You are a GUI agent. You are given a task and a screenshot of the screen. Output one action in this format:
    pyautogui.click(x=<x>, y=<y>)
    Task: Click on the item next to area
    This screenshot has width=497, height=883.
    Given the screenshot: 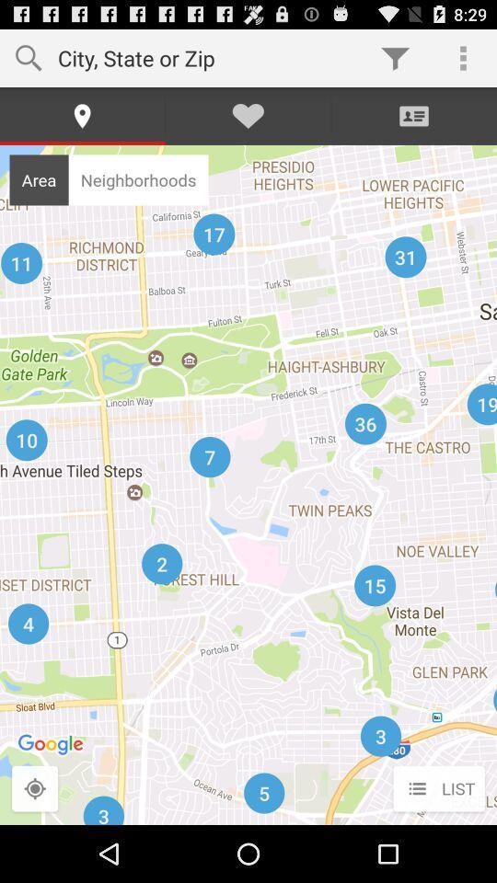 What is the action you would take?
    pyautogui.click(x=137, y=179)
    